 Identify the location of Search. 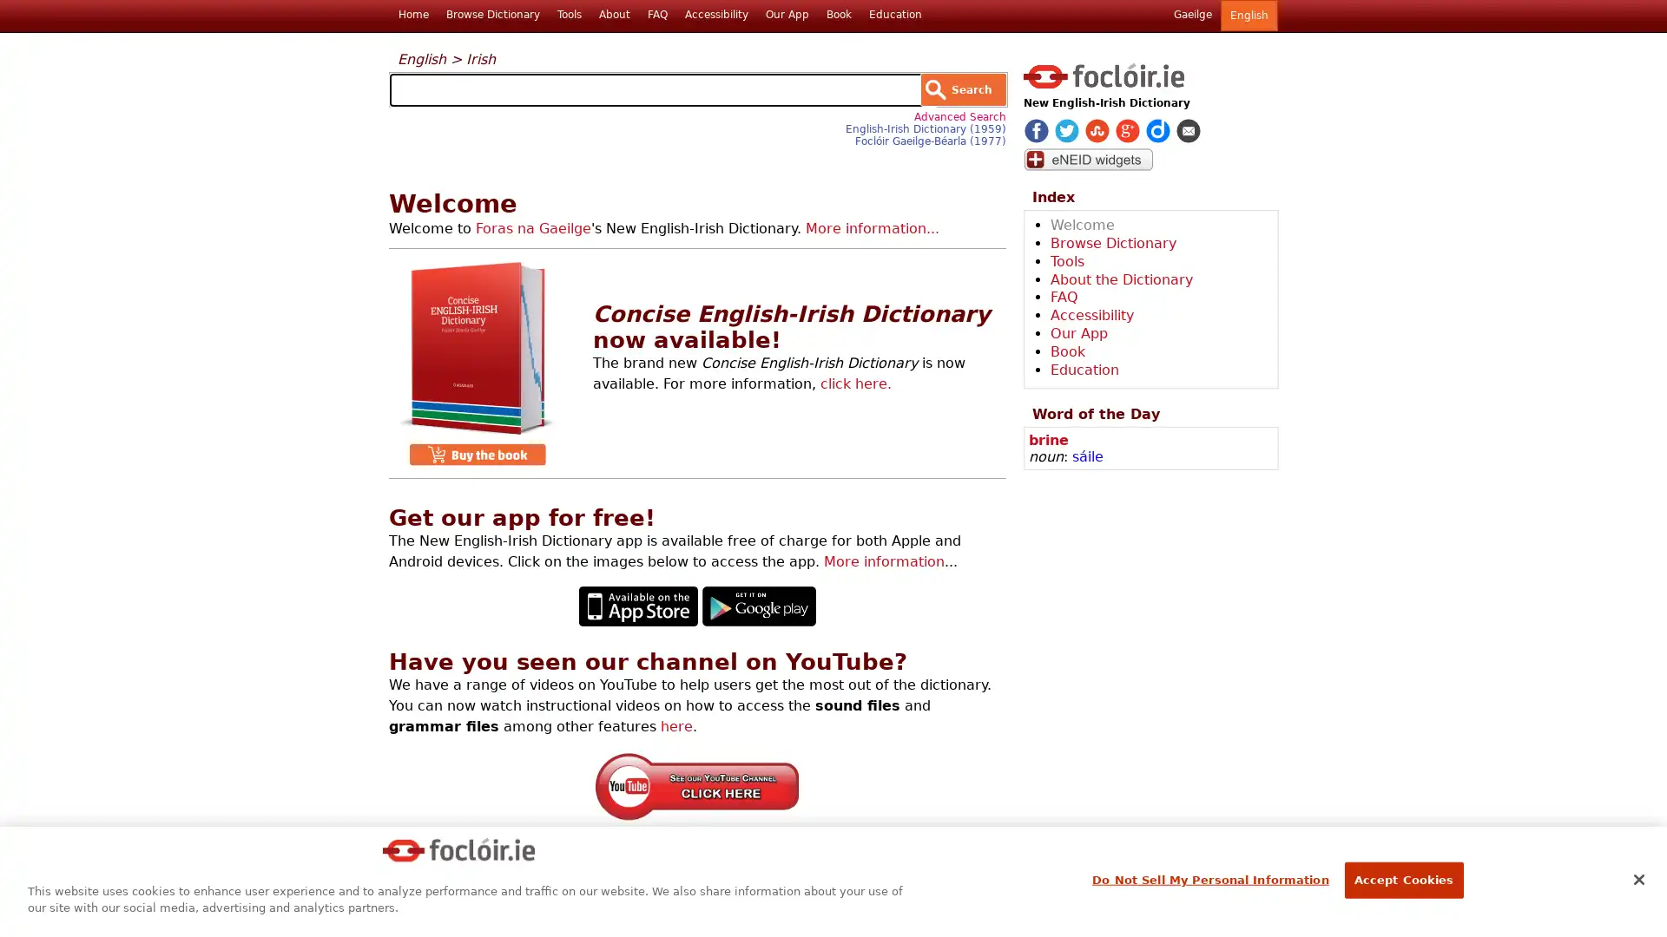
(962, 89).